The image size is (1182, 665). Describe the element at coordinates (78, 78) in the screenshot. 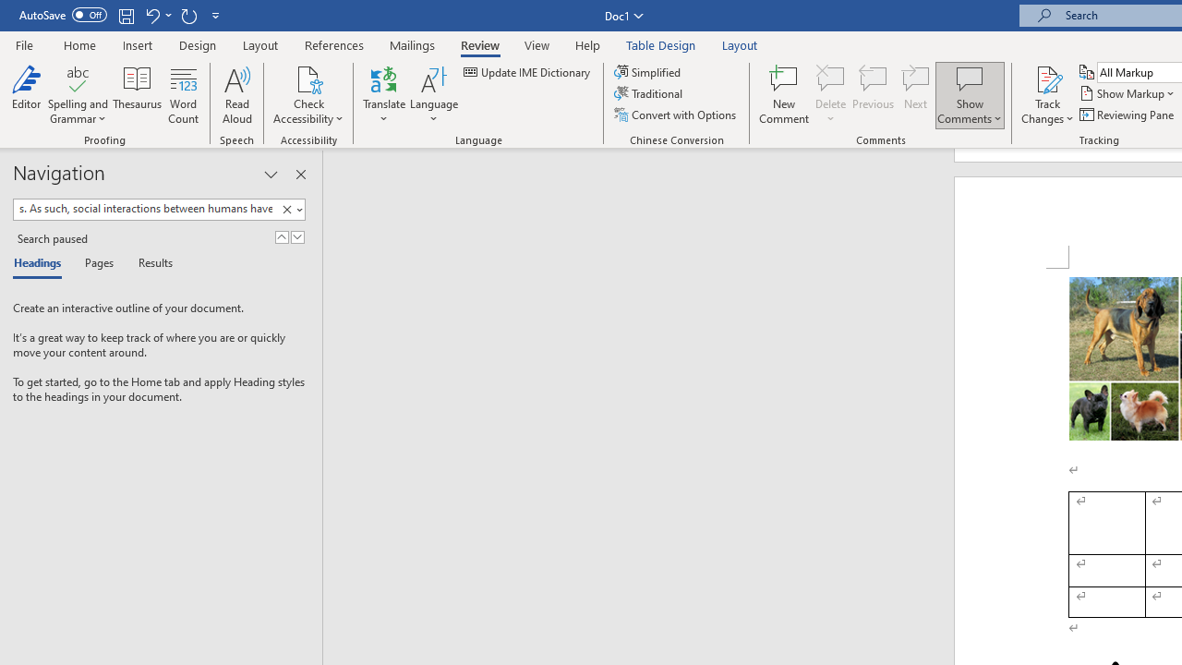

I see `'Spelling and Grammar'` at that location.